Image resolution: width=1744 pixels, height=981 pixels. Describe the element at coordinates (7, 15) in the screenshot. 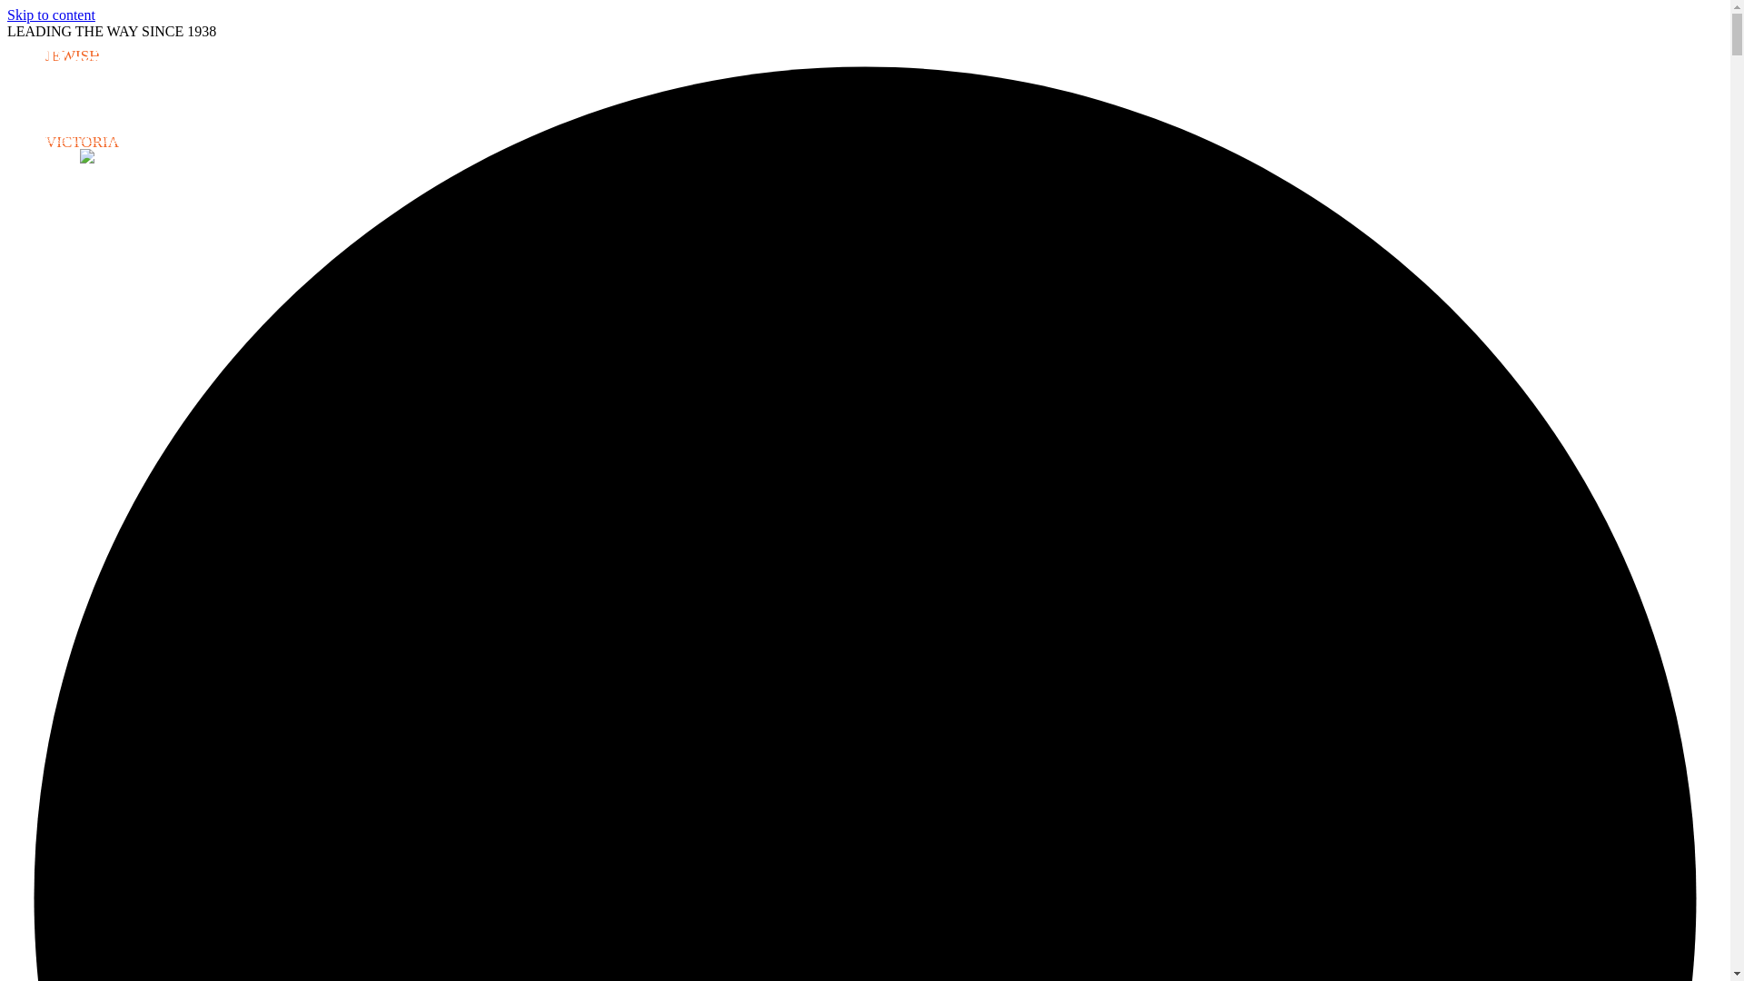

I see `'Skip to content'` at that location.